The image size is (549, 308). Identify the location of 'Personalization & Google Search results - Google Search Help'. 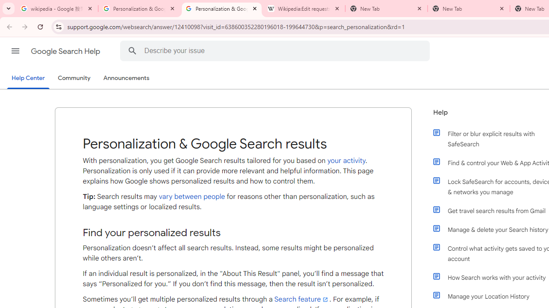
(222, 9).